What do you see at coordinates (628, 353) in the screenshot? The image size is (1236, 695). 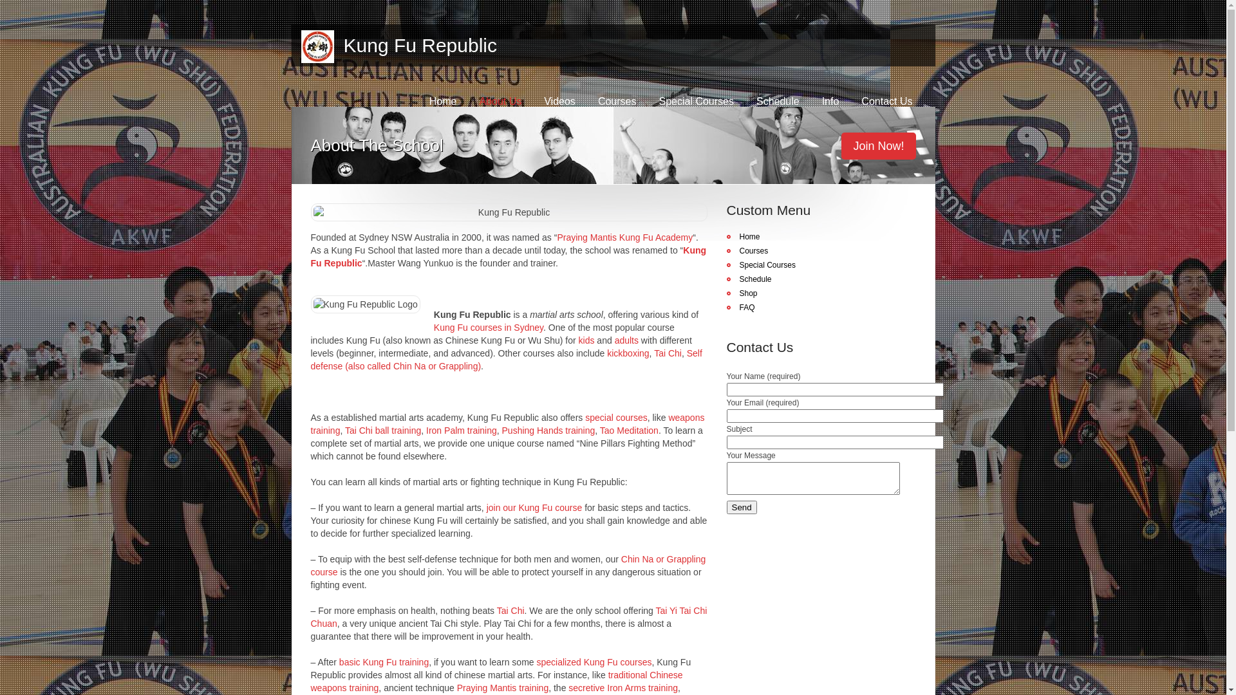 I see `'kickboxing'` at bounding box center [628, 353].